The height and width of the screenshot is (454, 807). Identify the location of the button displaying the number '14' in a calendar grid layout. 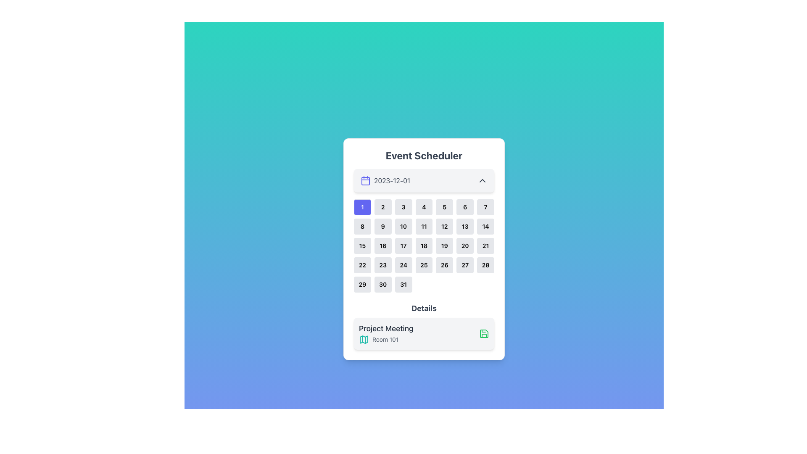
(485, 226).